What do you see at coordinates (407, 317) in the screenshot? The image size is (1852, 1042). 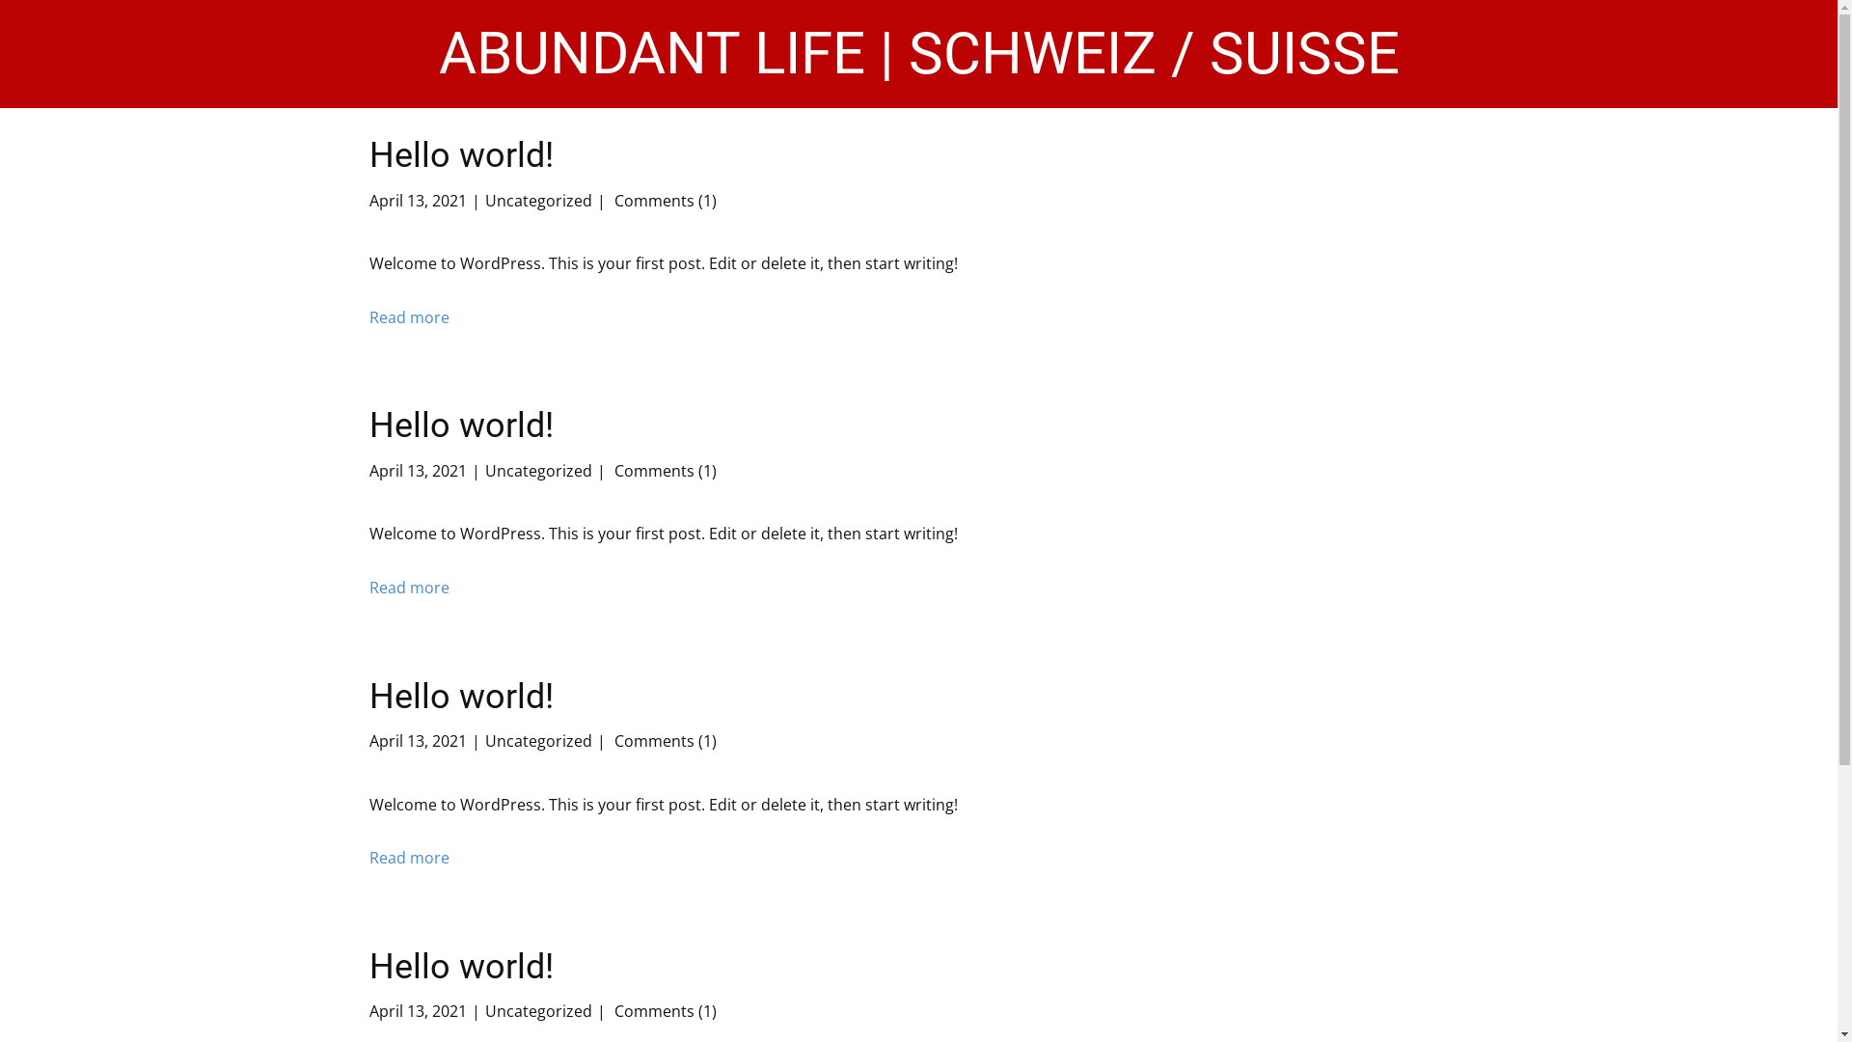 I see `'Read more'` at bounding box center [407, 317].